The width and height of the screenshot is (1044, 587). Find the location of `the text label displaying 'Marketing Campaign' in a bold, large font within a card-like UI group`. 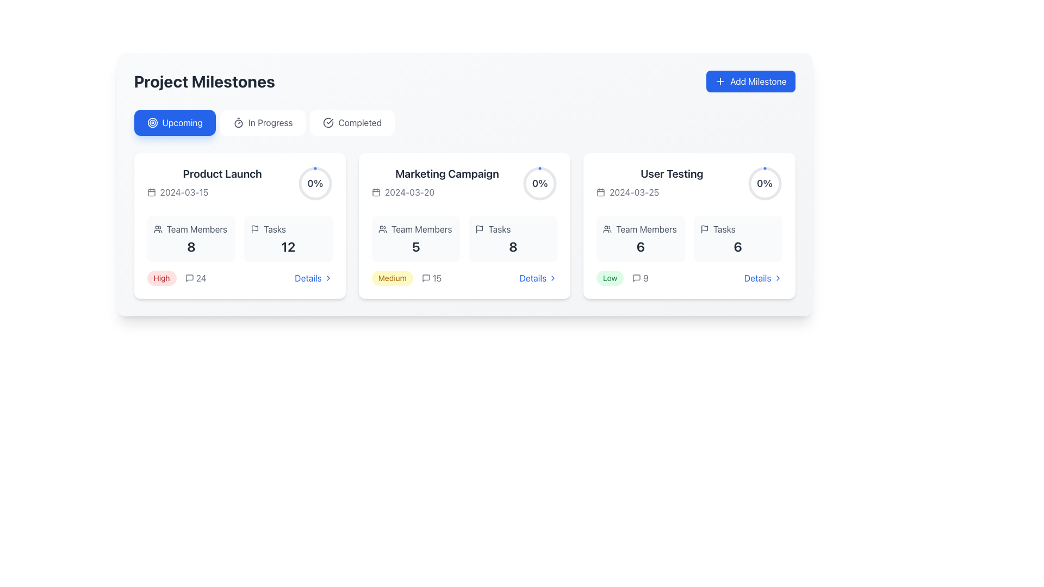

the text label displaying 'Marketing Campaign' in a bold, large font within a card-like UI group is located at coordinates (447, 173).